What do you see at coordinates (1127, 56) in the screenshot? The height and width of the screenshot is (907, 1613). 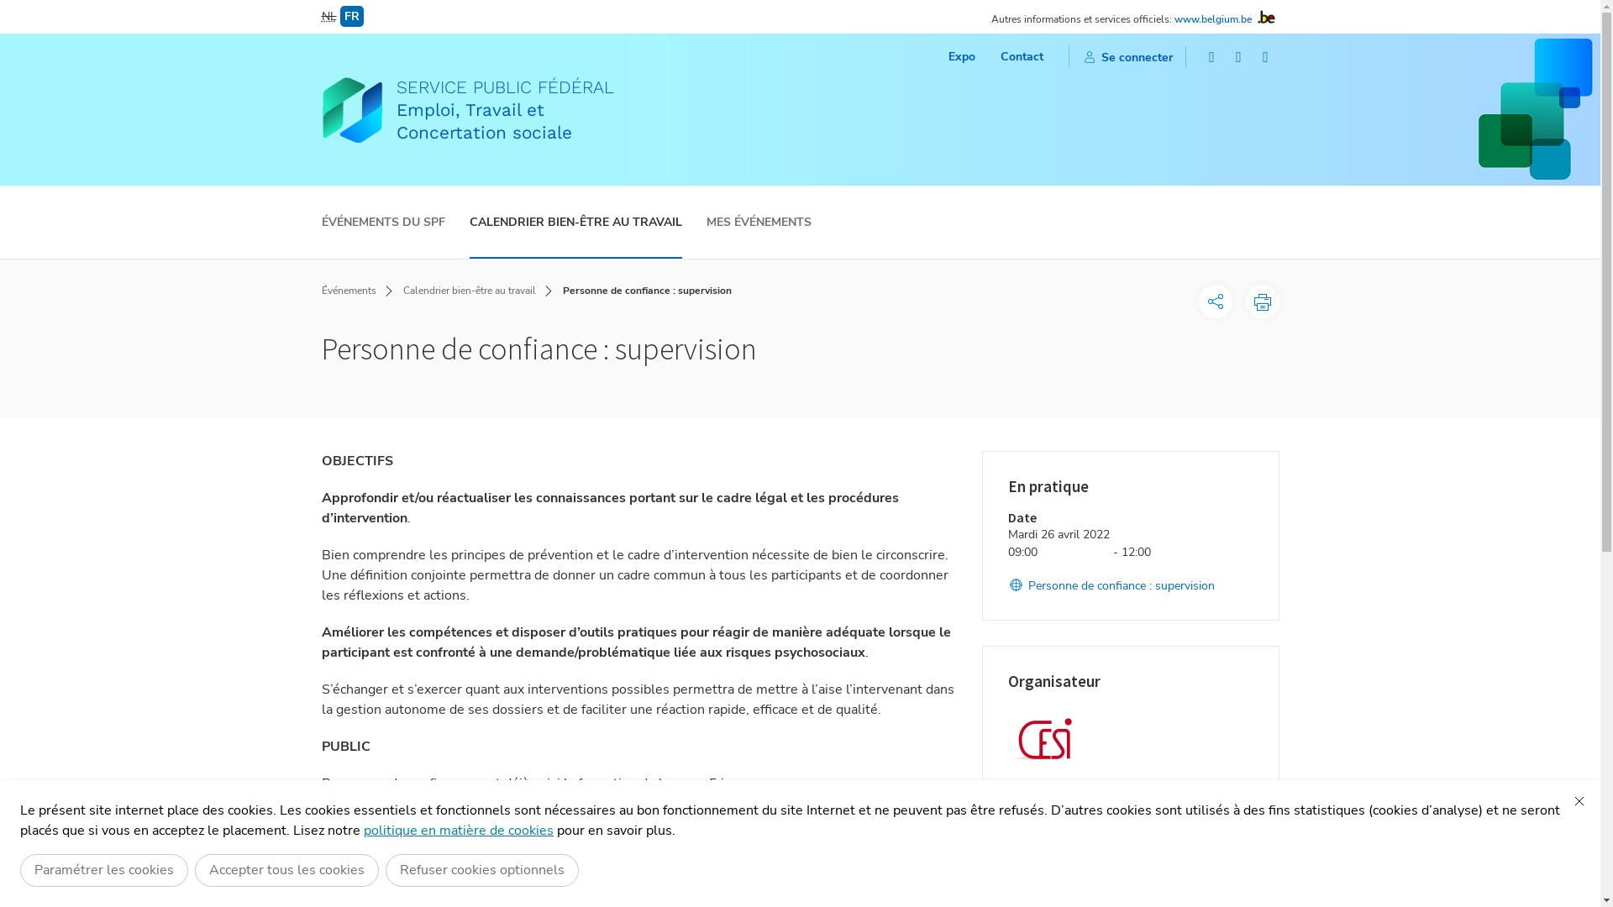 I see `'Se connecter'` at bounding box center [1127, 56].